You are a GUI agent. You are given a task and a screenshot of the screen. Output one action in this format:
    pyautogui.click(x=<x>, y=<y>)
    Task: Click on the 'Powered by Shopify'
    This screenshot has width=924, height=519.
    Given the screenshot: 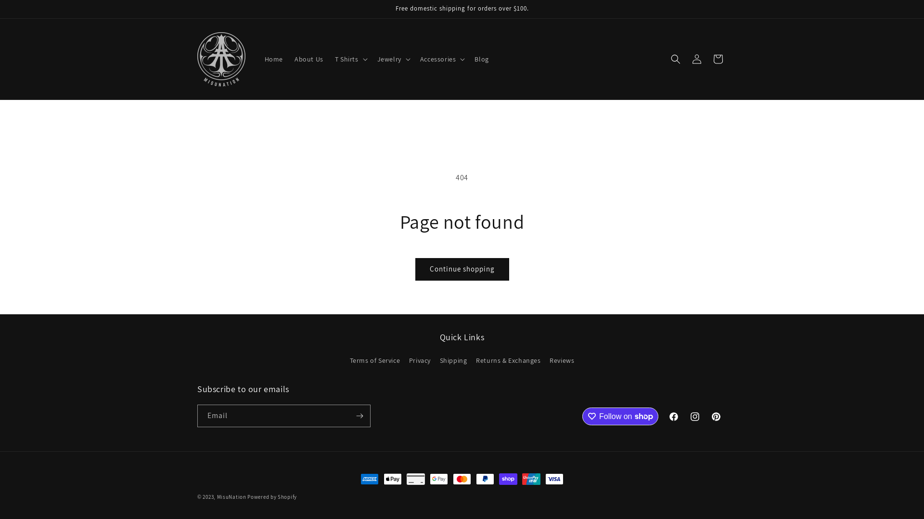 What is the action you would take?
    pyautogui.click(x=271, y=496)
    